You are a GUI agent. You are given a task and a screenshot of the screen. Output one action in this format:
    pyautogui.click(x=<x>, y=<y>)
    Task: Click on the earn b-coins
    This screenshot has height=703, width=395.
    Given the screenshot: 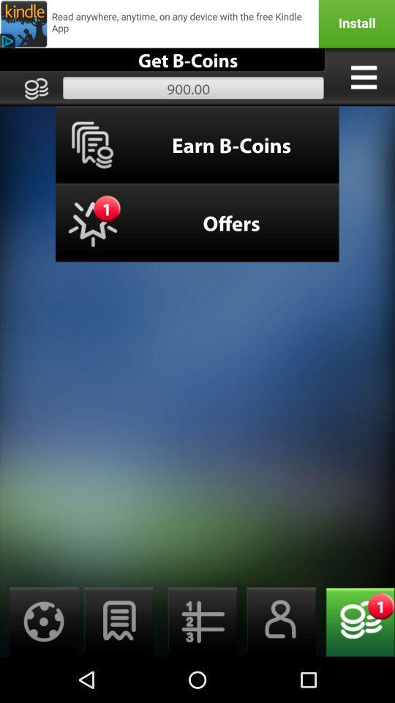 What is the action you would take?
    pyautogui.click(x=197, y=23)
    